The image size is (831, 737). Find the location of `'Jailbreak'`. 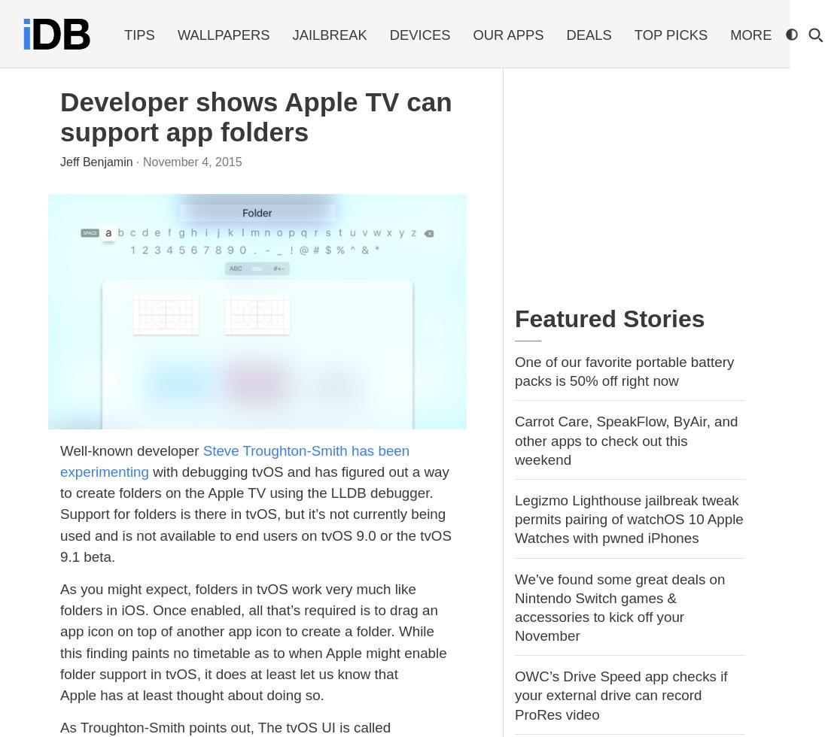

'Jailbreak' is located at coordinates (329, 35).